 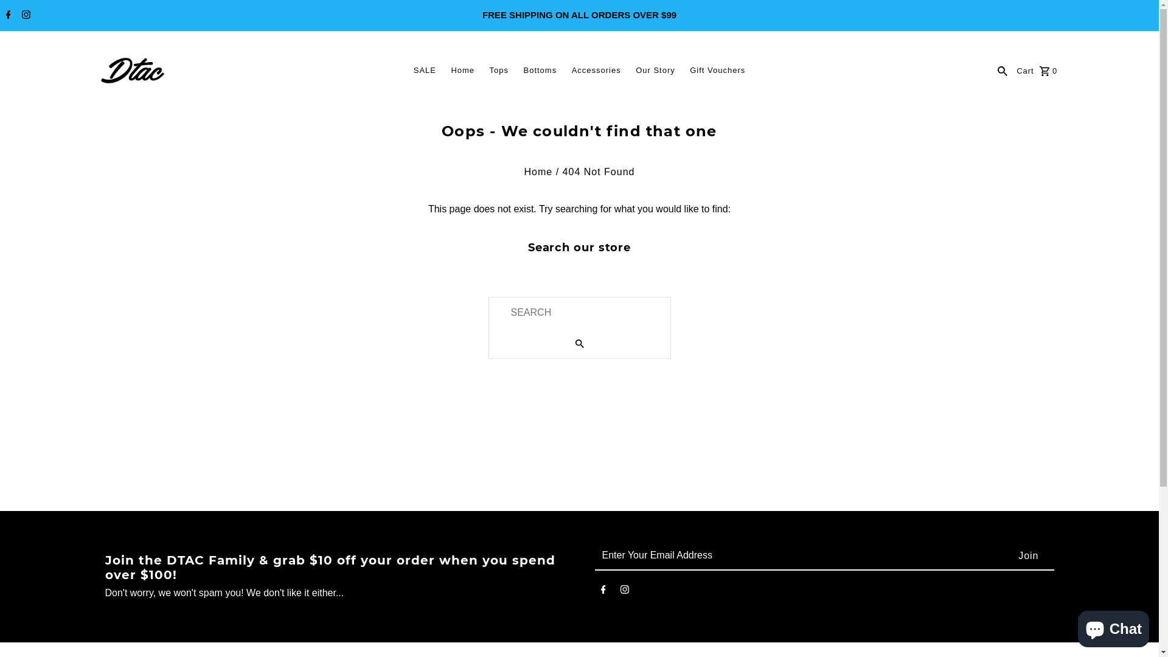 I want to click on 'Join', so click(x=1027, y=556).